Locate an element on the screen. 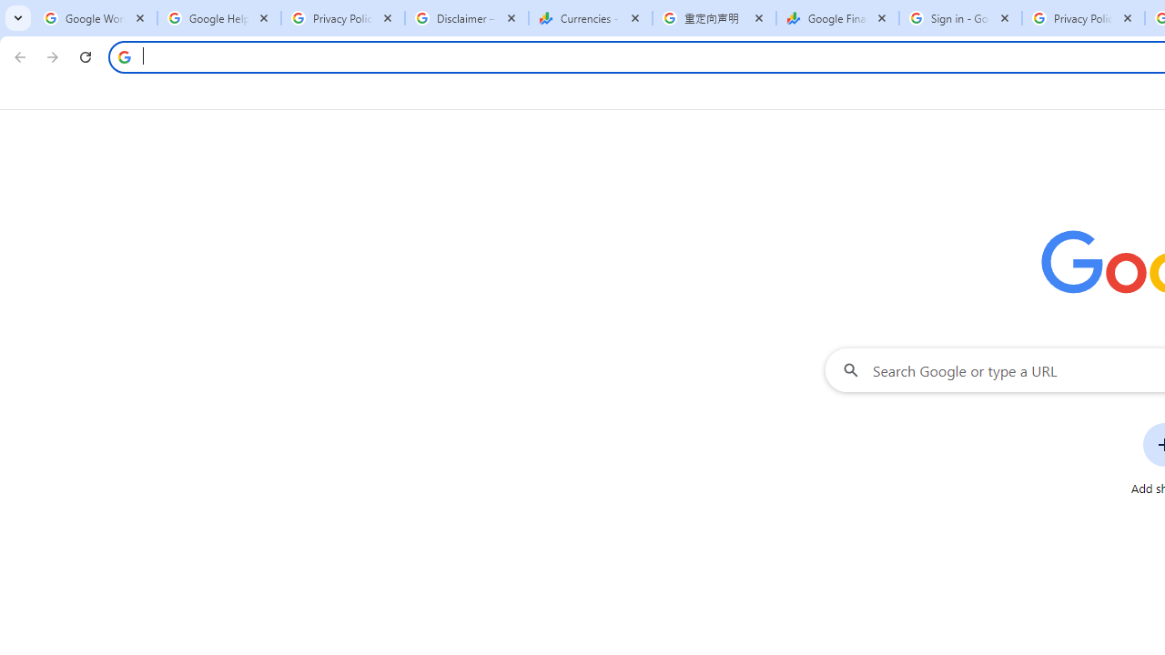 Image resolution: width=1165 pixels, height=655 pixels. 'Sign in - Google Accounts' is located at coordinates (959, 18).